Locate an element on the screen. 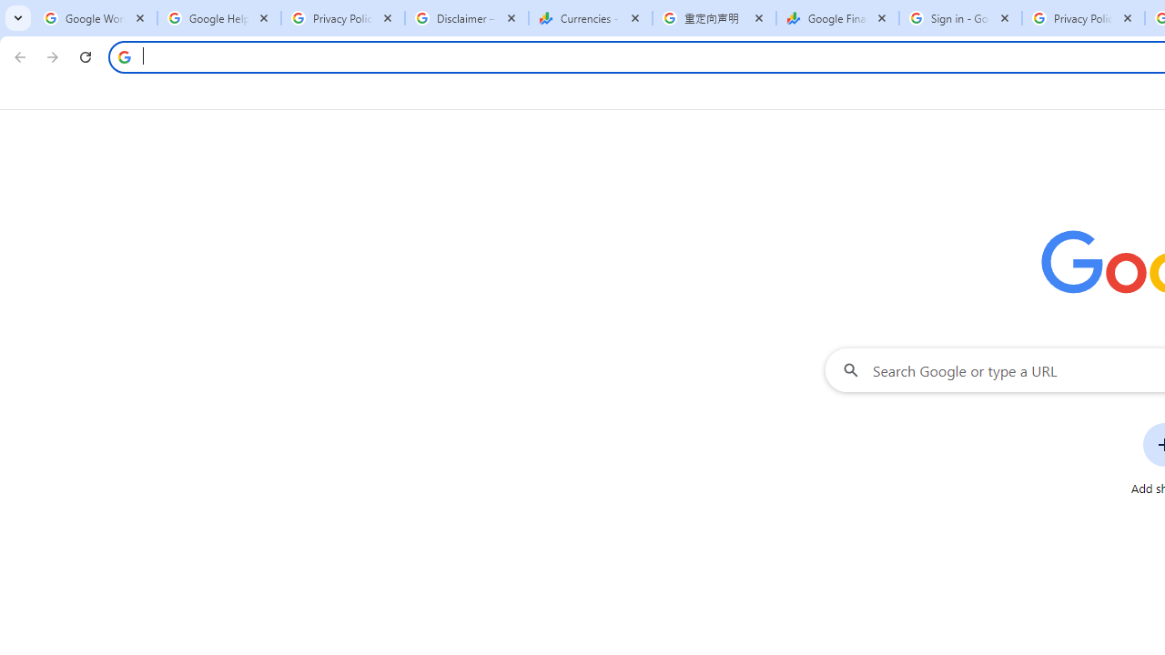 Image resolution: width=1165 pixels, height=655 pixels. 'Sign in - Google Accounts' is located at coordinates (959, 18).